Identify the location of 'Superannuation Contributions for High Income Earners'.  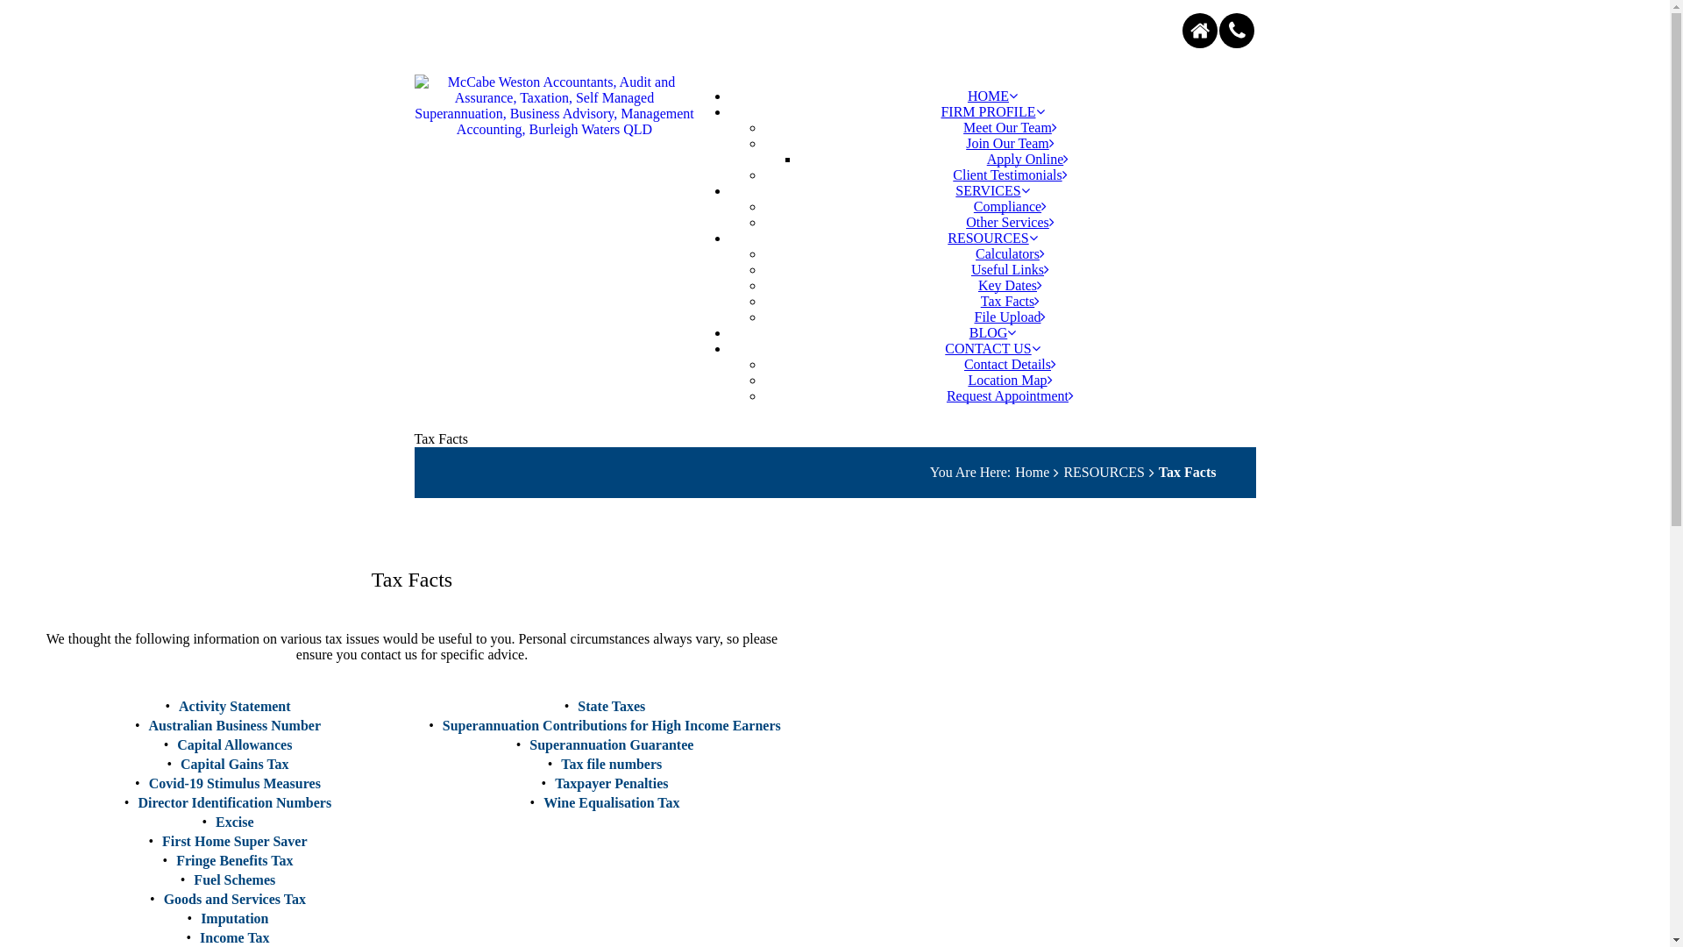
(611, 725).